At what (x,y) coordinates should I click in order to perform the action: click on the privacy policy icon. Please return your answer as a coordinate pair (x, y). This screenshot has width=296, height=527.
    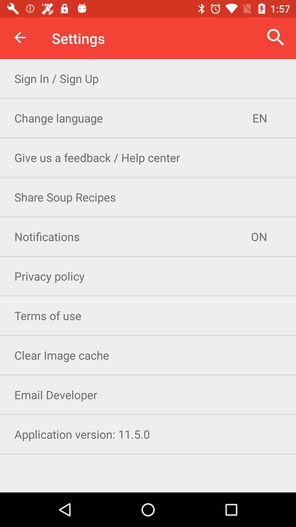
    Looking at the image, I should click on (148, 276).